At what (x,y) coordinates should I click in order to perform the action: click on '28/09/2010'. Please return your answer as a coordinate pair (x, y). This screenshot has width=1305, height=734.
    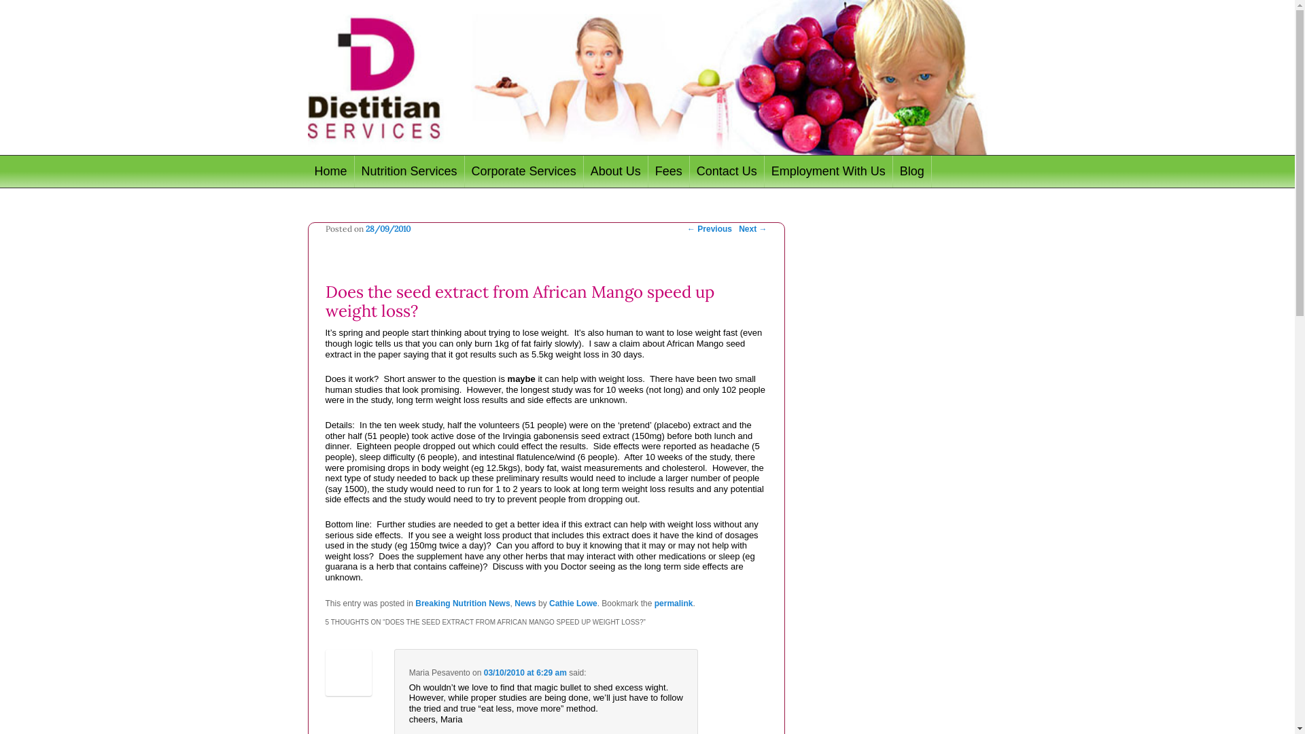
    Looking at the image, I should click on (365, 228).